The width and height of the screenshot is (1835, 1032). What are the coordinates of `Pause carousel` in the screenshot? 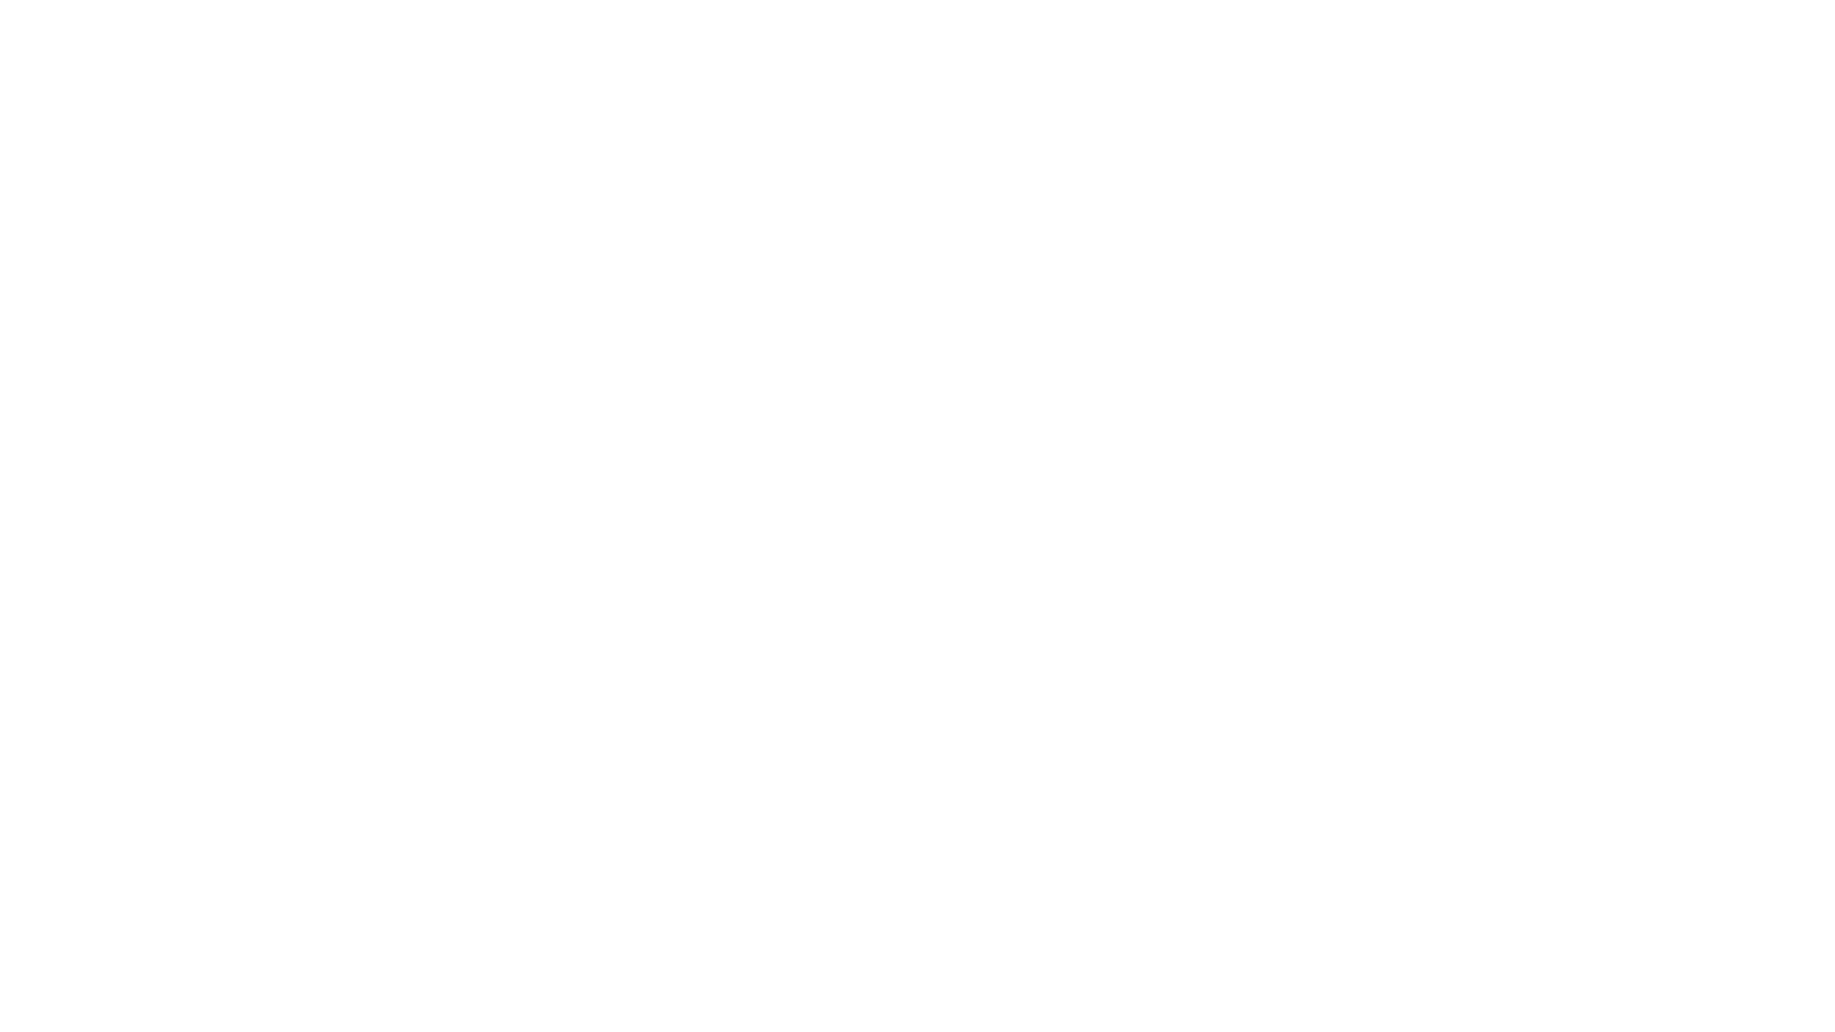 It's located at (375, 131).